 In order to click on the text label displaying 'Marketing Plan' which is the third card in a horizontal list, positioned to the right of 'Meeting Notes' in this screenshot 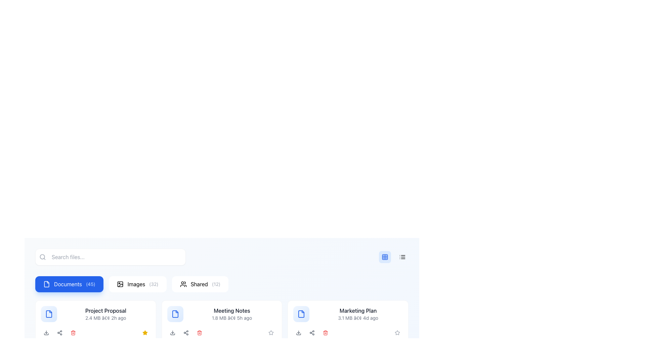, I will do `click(358, 314)`.